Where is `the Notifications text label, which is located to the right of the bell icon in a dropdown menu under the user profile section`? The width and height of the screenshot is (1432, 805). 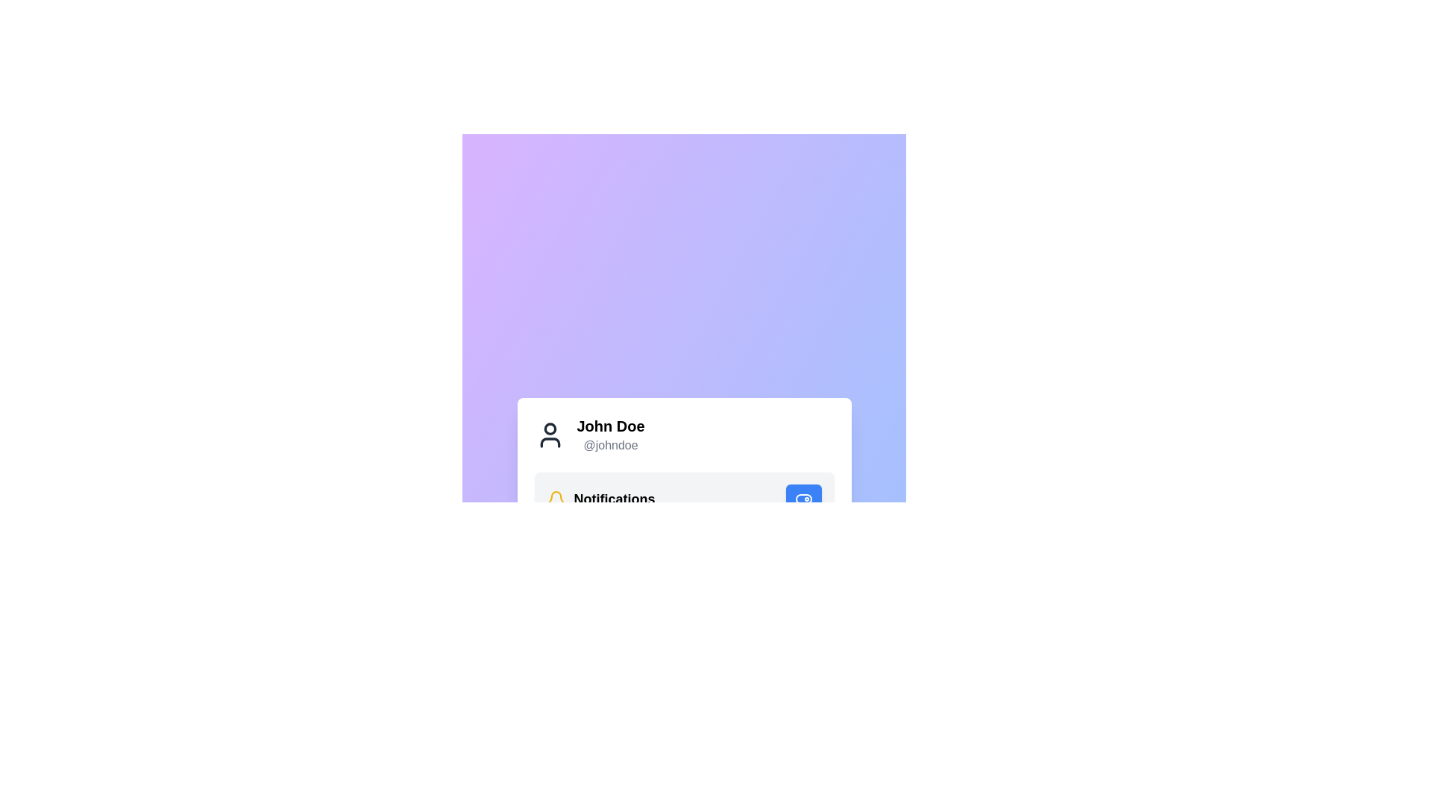 the Notifications text label, which is located to the right of the bell icon in a dropdown menu under the user profile section is located at coordinates (615, 499).